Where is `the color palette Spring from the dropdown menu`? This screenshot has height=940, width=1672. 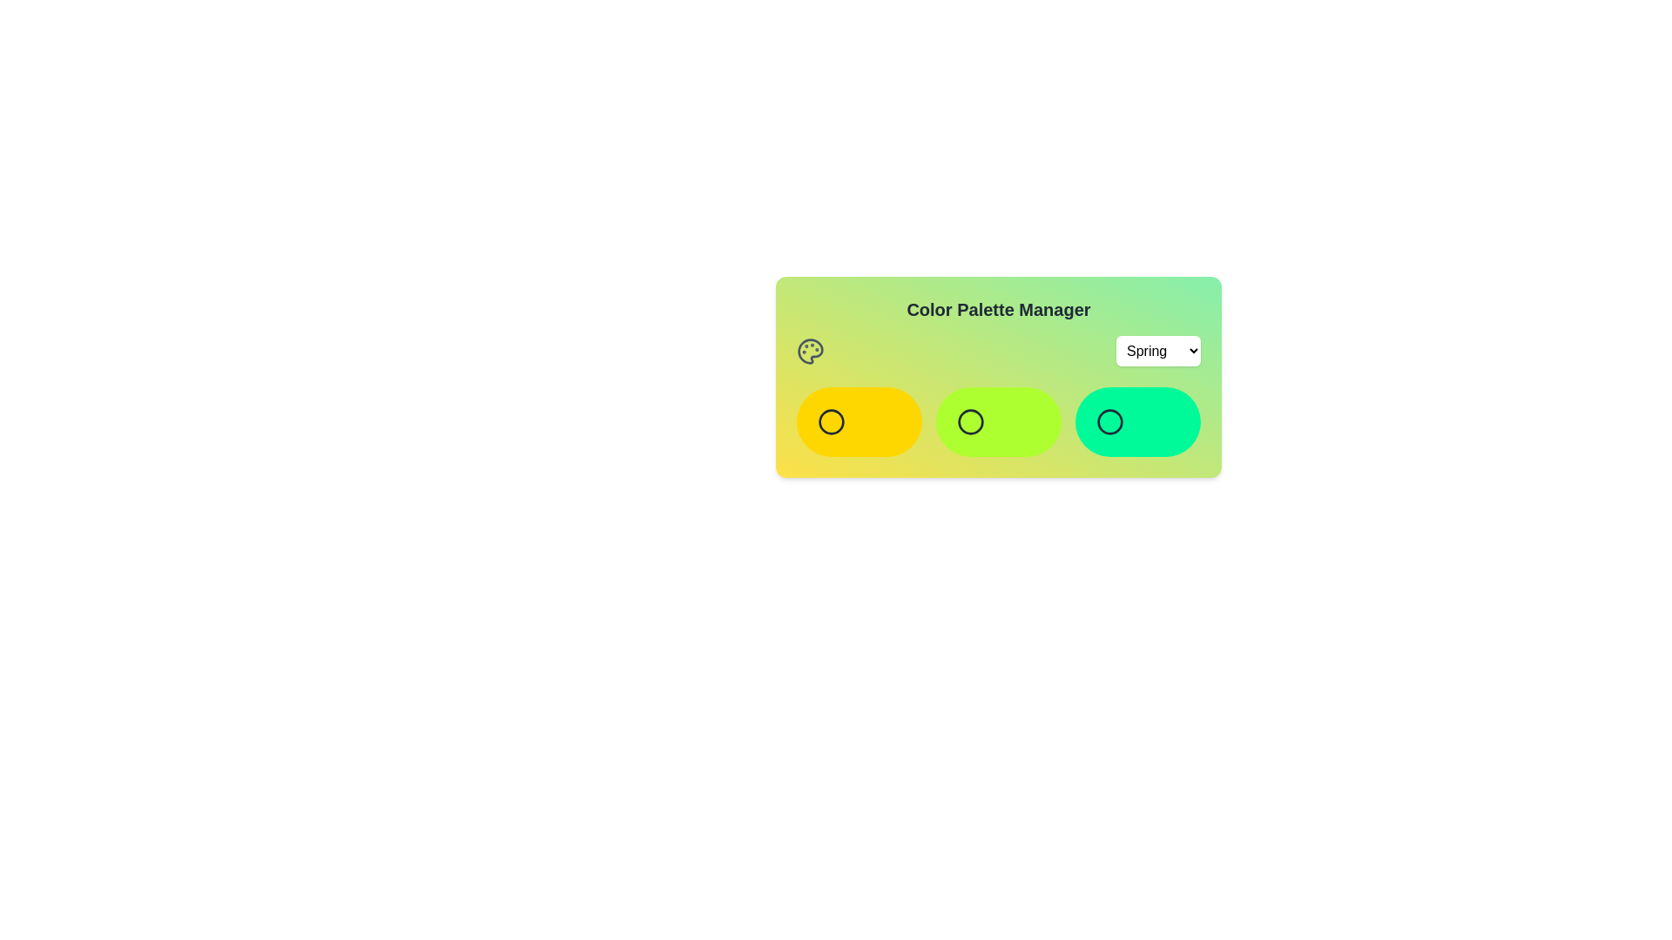
the color palette Spring from the dropdown menu is located at coordinates (1158, 351).